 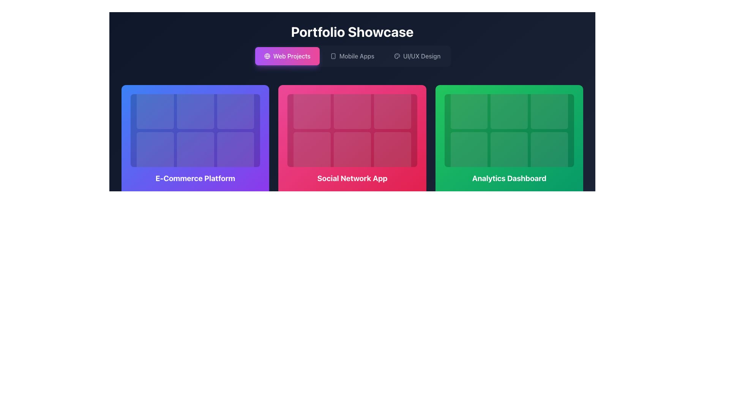 What do you see at coordinates (417, 55) in the screenshot?
I see `the navigation link with text and icon for the 'UI/UX Design' section located` at bounding box center [417, 55].